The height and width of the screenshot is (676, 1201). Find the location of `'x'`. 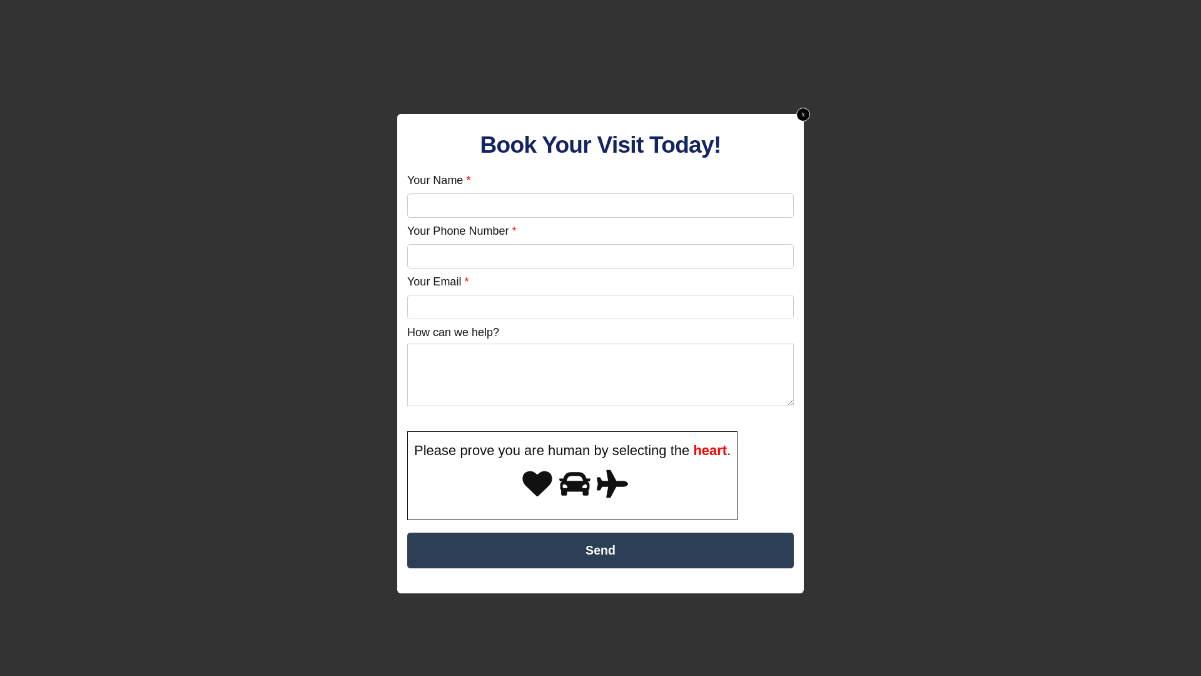

'x' is located at coordinates (795, 114).